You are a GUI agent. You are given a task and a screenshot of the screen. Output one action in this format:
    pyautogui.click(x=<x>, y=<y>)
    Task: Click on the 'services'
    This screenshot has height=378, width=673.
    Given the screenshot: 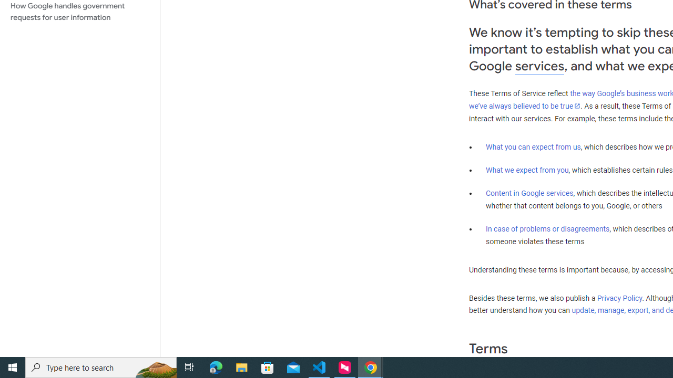 What is the action you would take?
    pyautogui.click(x=539, y=66)
    